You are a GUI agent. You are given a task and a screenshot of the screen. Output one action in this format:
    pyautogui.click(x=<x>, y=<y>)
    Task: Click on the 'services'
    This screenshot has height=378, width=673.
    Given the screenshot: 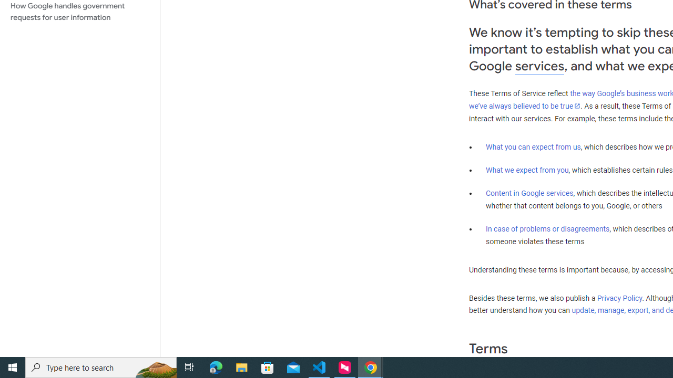 What is the action you would take?
    pyautogui.click(x=539, y=66)
    